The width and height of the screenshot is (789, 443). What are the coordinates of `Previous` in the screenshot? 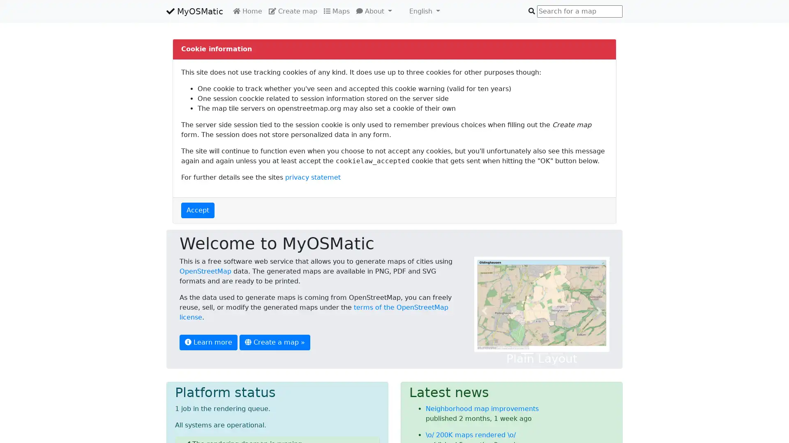 It's located at (484, 311).